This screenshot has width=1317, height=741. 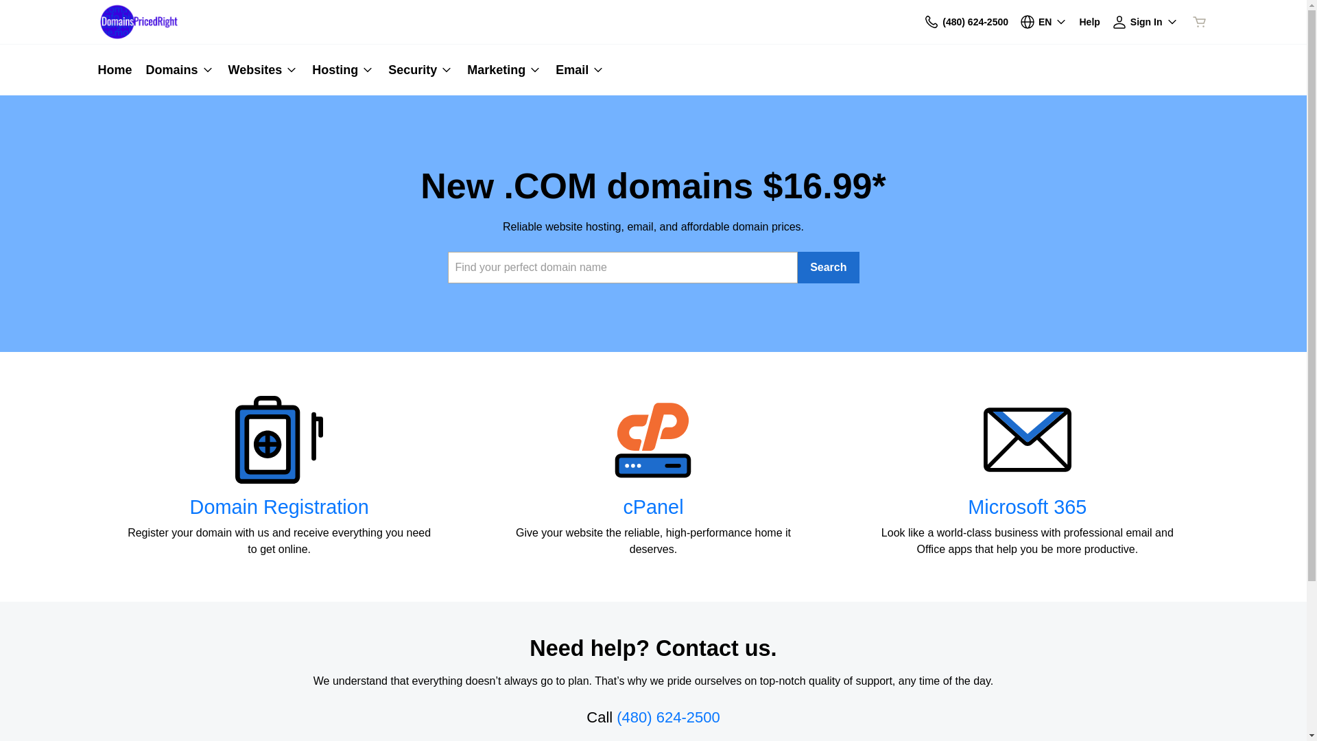 What do you see at coordinates (1089, 22) in the screenshot?
I see `'Help'` at bounding box center [1089, 22].